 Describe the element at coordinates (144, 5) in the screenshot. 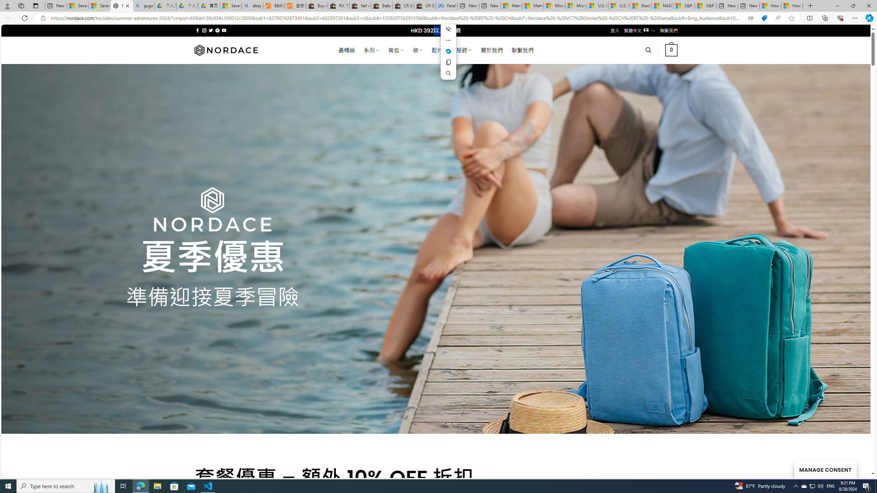

I see `'guge yunpan - Search'` at that location.